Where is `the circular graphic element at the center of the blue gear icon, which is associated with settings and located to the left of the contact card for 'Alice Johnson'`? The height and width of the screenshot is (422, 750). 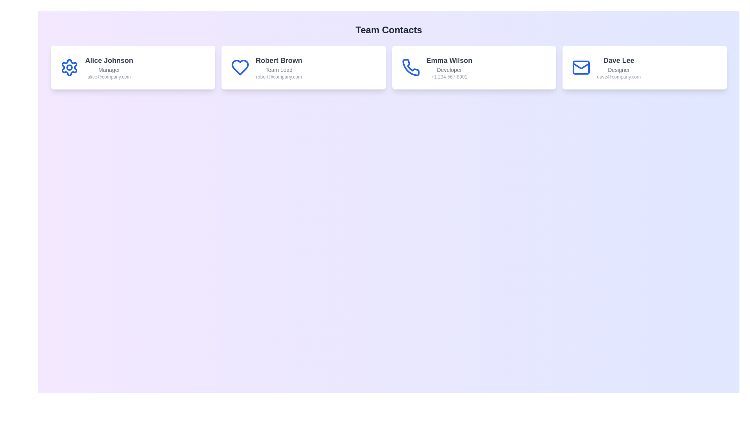 the circular graphic element at the center of the blue gear icon, which is associated with settings and located to the left of the contact card for 'Alice Johnson' is located at coordinates (69, 67).